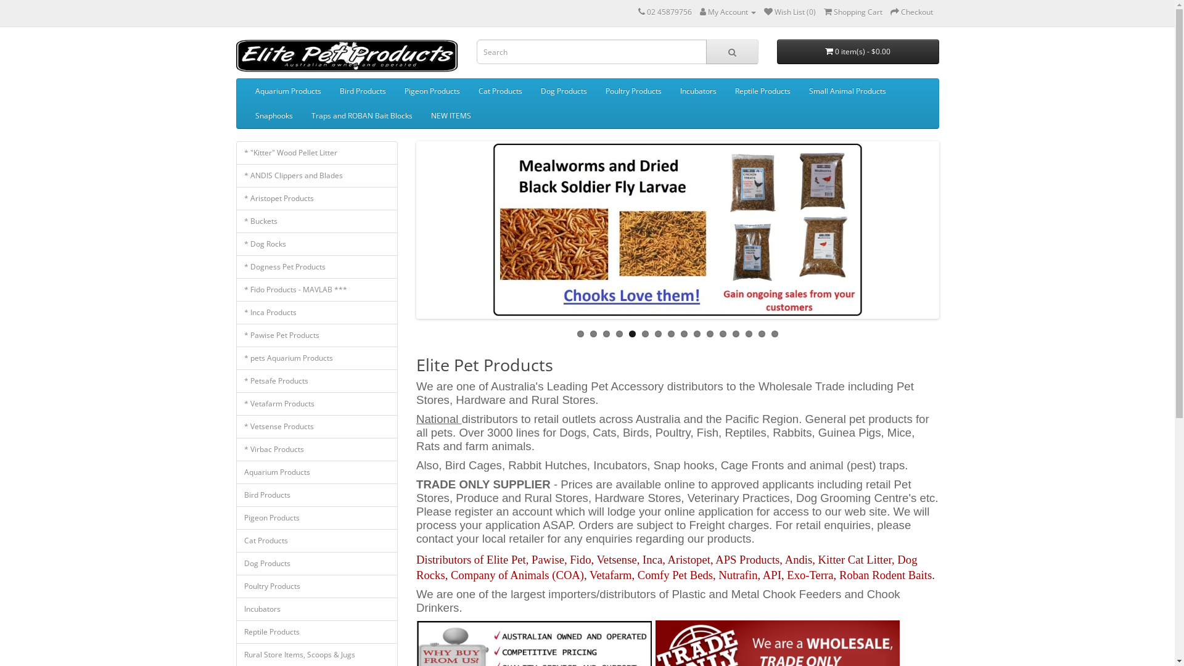 The height and width of the screenshot is (666, 1184). Describe the element at coordinates (316, 151) in the screenshot. I see `'* "Kitter" Wood Pellet Litter'` at that location.